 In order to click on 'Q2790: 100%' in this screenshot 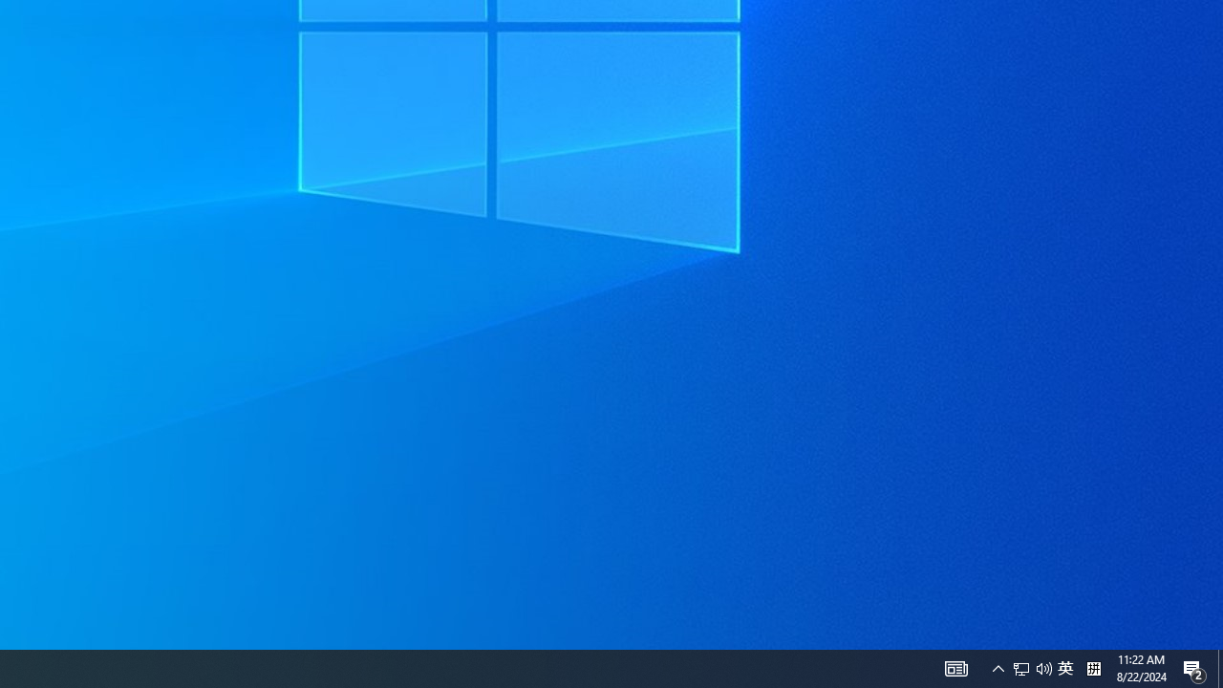, I will do `click(1093, 667)`.